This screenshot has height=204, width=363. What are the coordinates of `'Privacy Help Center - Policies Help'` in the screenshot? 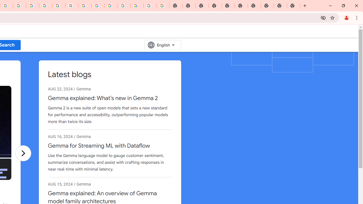 It's located at (32, 6).